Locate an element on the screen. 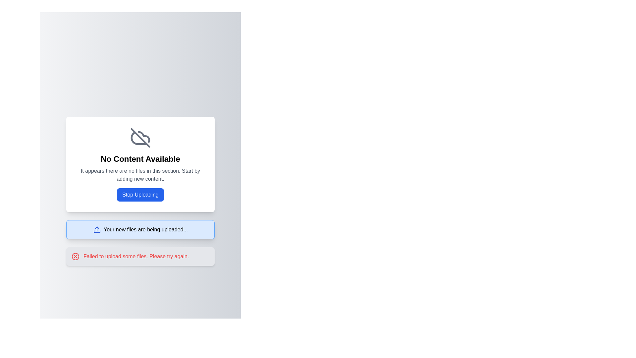  the button that halts the content uploading process, located within the central card below the subheading indicating no files are present is located at coordinates (140, 194).